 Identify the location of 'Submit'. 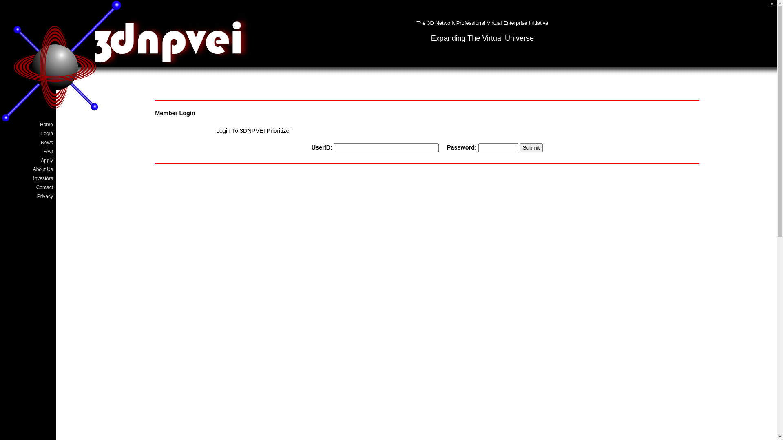
(531, 147).